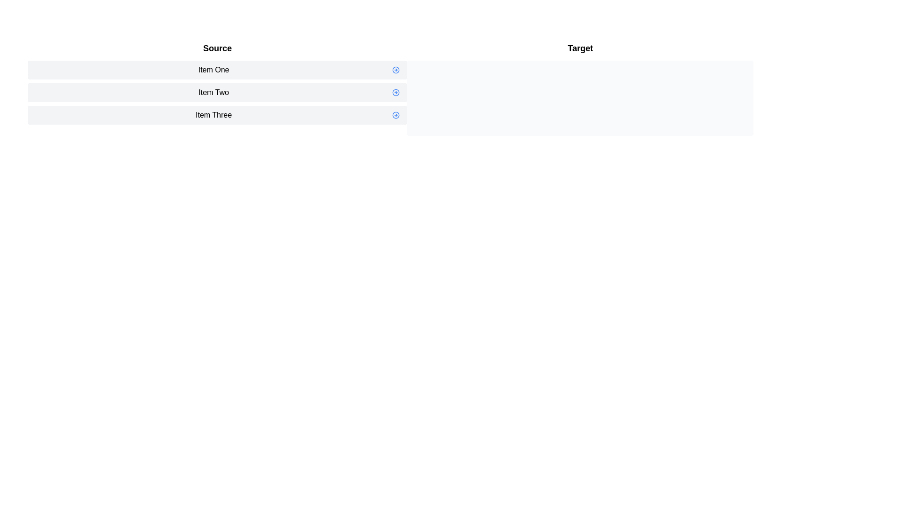 This screenshot has height=508, width=903. I want to click on the List Item element labeled 'Item Three', which is the third item in a vertical list with a light gray background and a blue circle with an arrow icon to the right, so click(217, 115).